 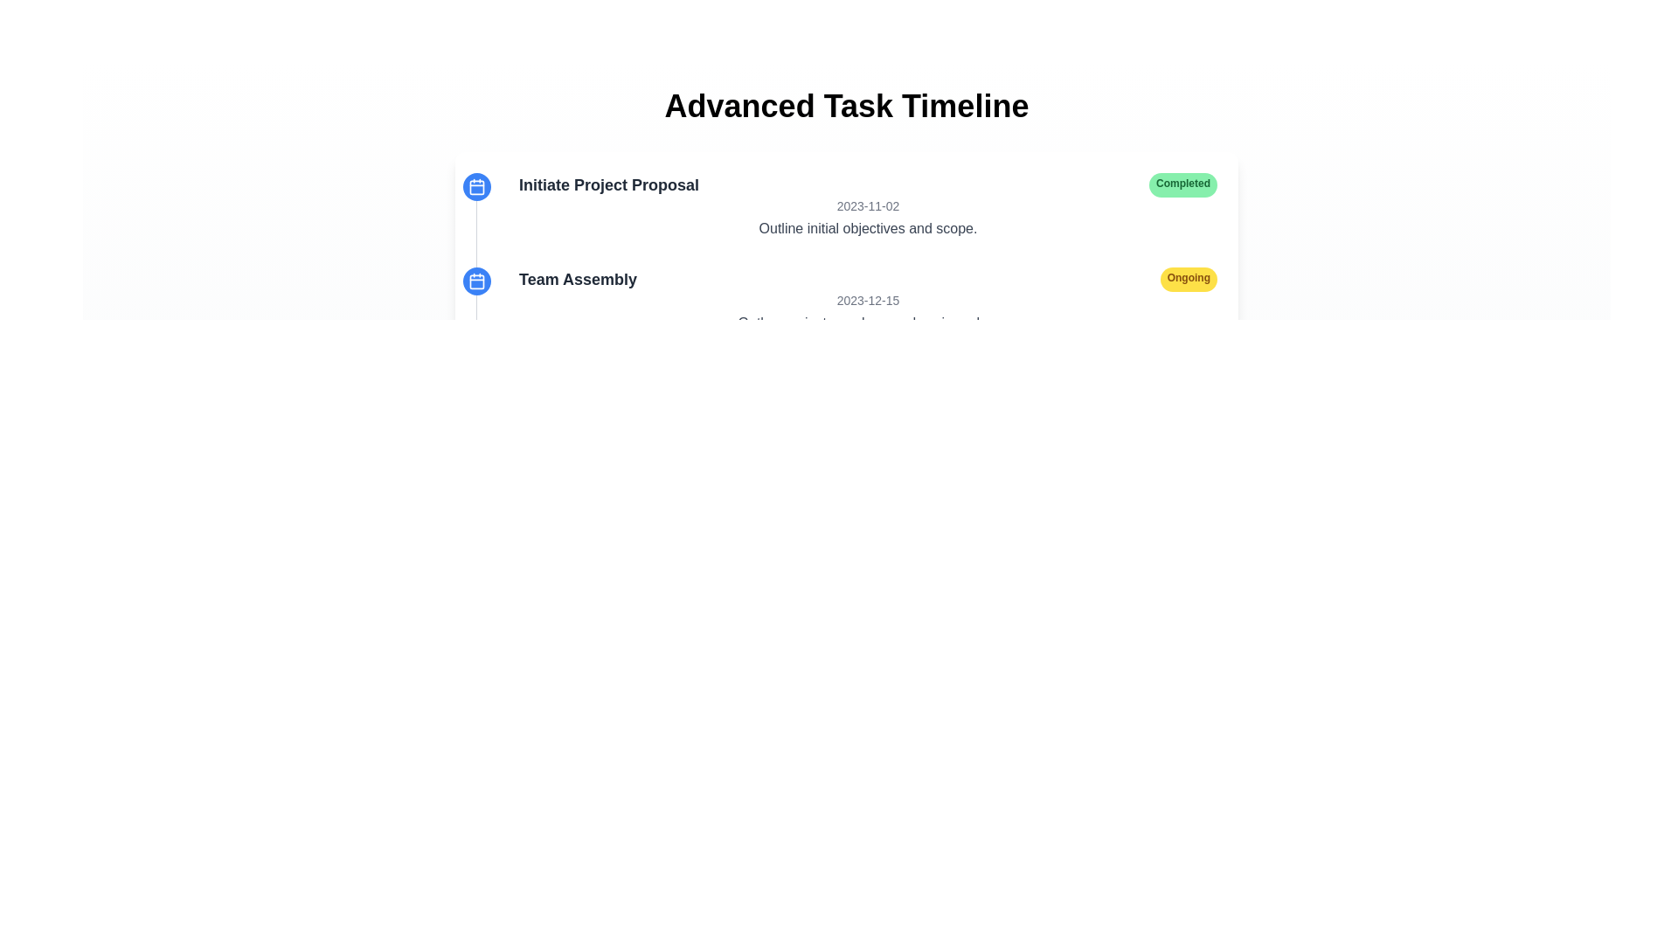 I want to click on the circular icon with a blue background and a white calendar symbol located to the left of the 'Team Assembly' text, so click(x=477, y=280).